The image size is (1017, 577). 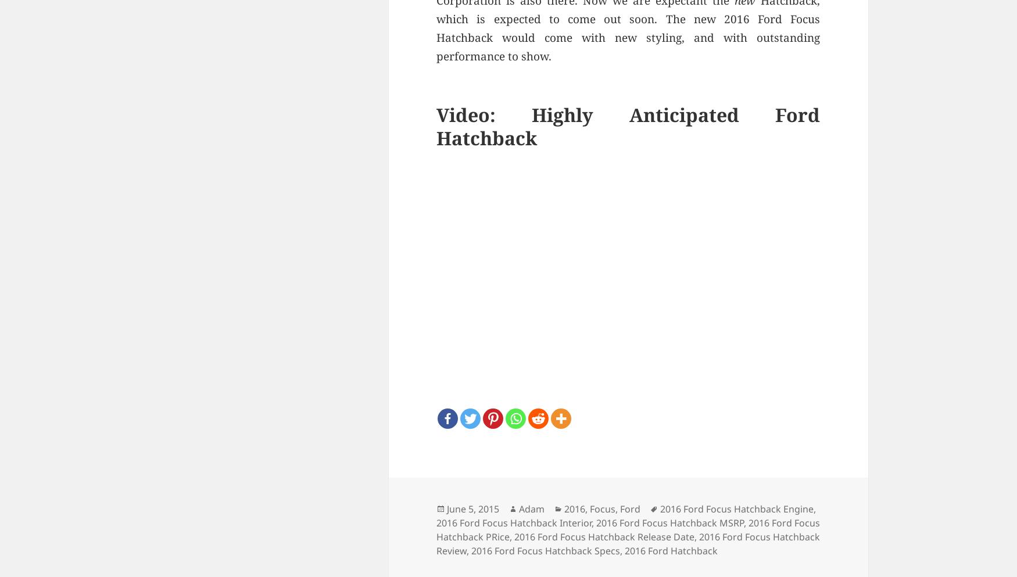 I want to click on '2016', so click(x=574, y=508).